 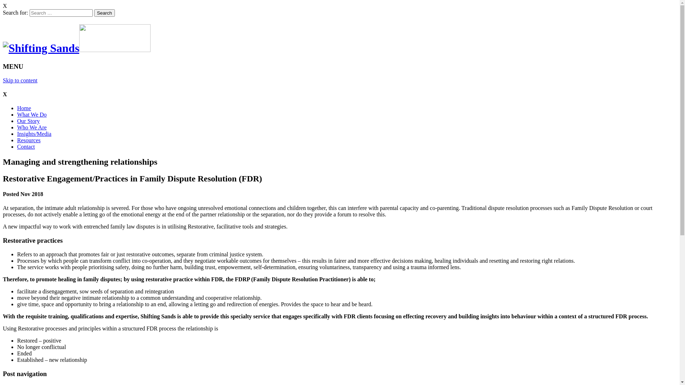 I want to click on 'Insights/Media', so click(x=17, y=134).